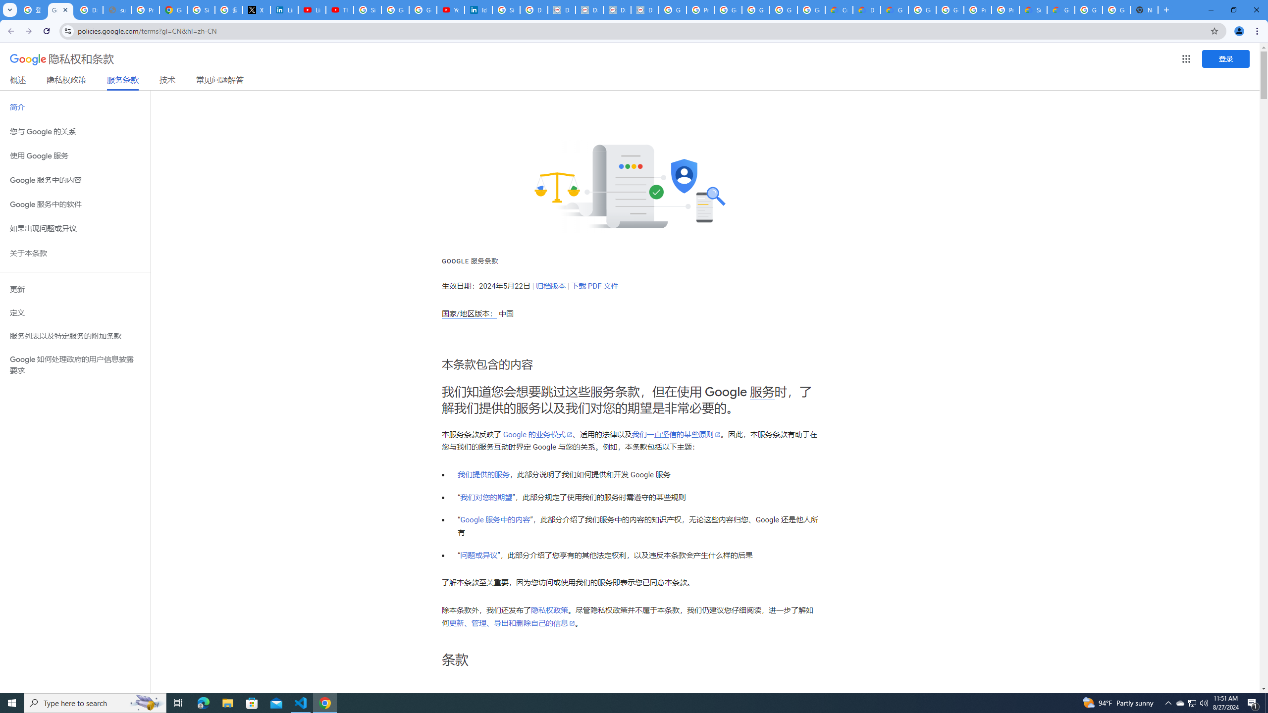 This screenshot has width=1268, height=713. I want to click on 'Google Workspace - Specific Terms', so click(783, 9).